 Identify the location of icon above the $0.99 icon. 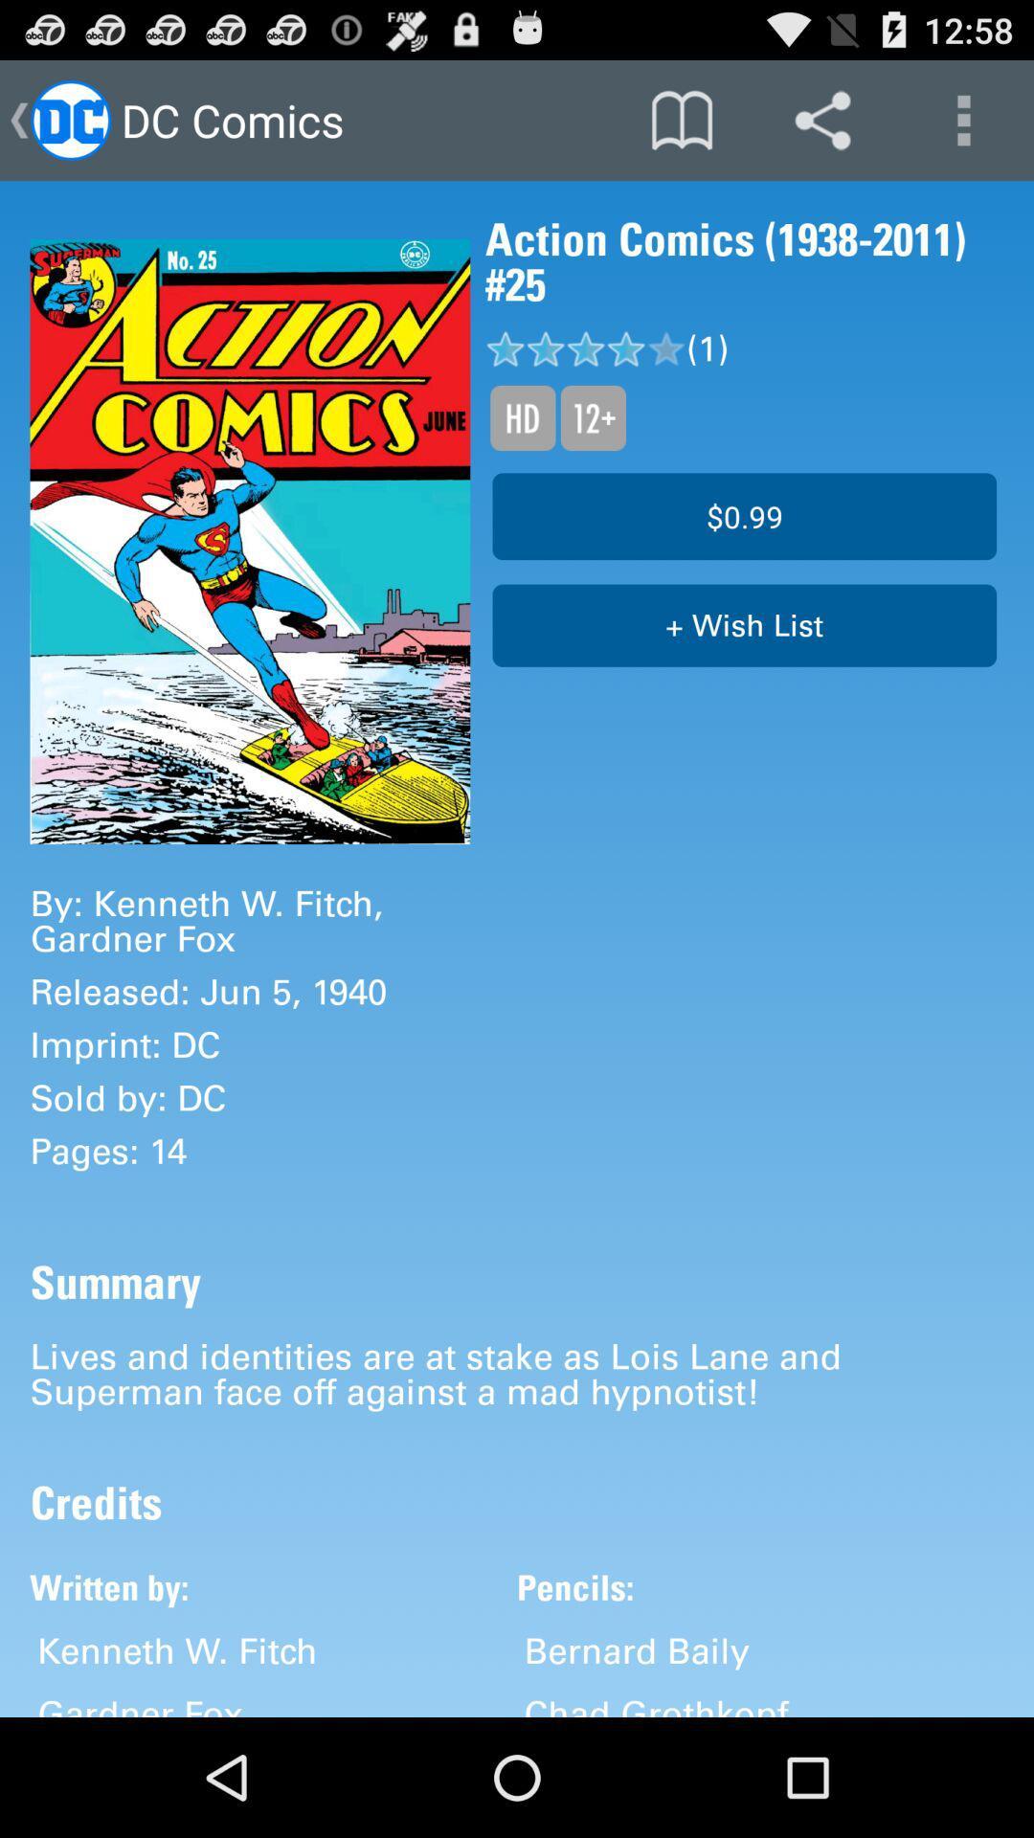
(592, 416).